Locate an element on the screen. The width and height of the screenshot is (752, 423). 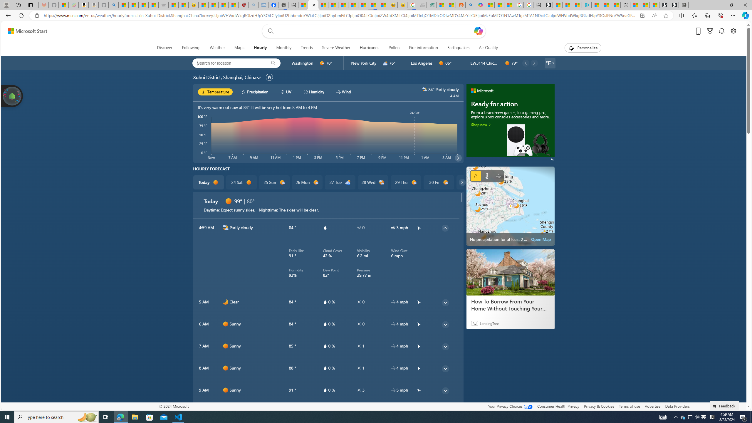
'LendingTree' is located at coordinates (489, 323).